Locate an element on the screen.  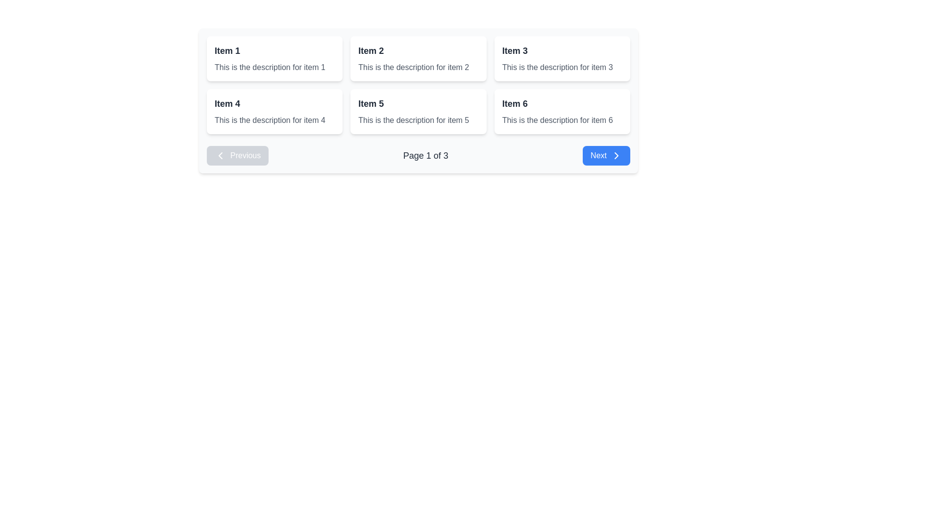
the rightward chevron icon within the 'Next' button located at the bottom right corner of the 'Page 1 of 3' display is located at coordinates (616, 155).